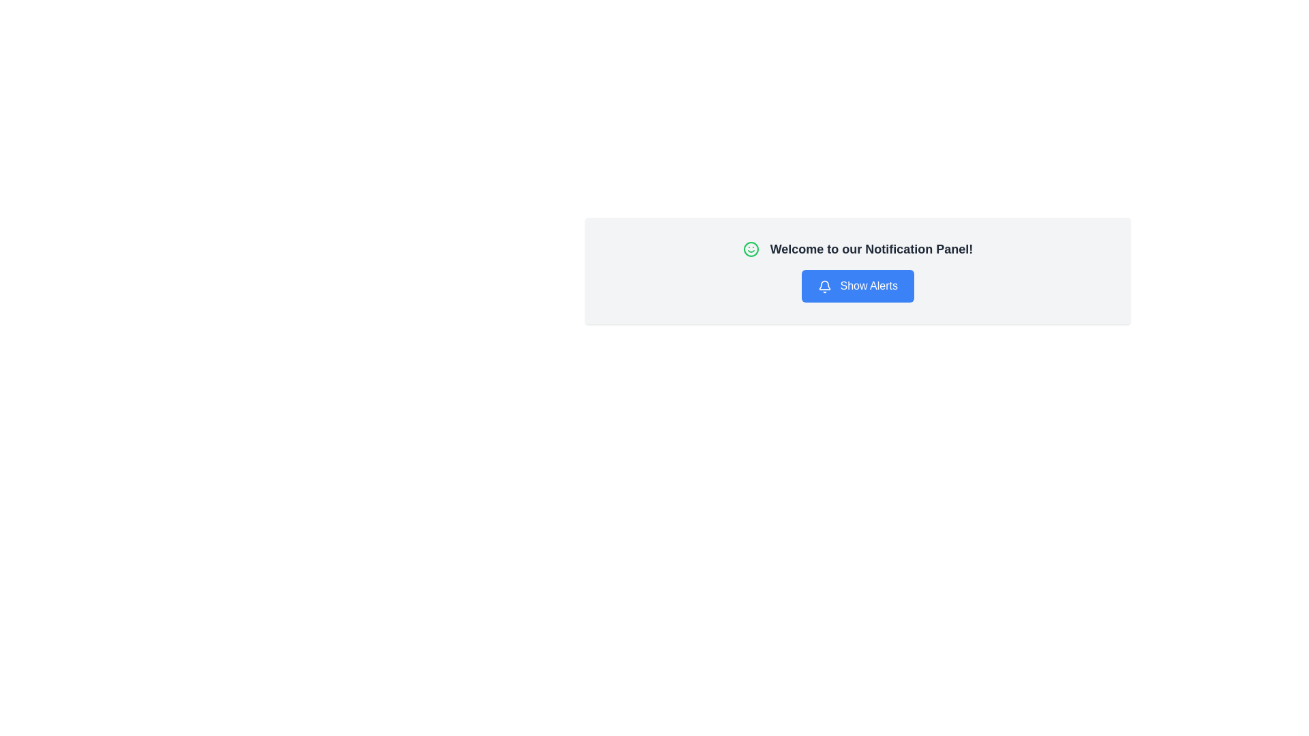 This screenshot has width=1309, height=736. I want to click on the green circular decorative element (SVG circle) located within the smiley icon in the notification panel, so click(750, 249).